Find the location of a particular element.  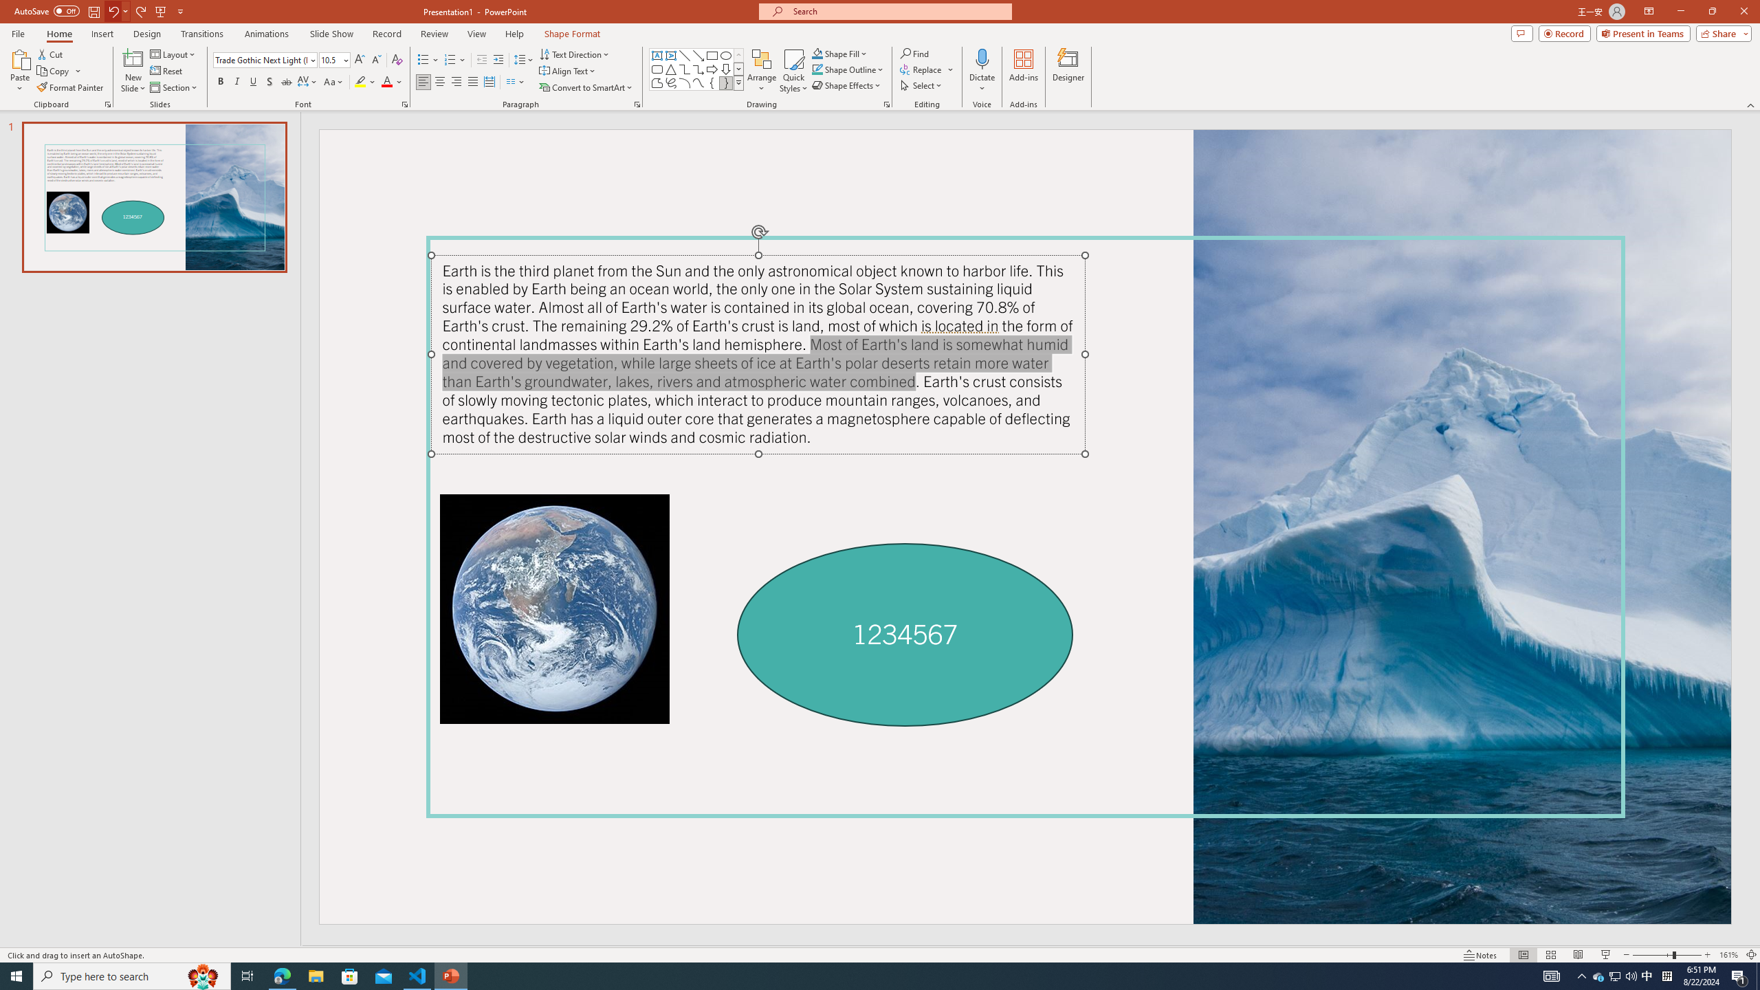

'Text Highlight Color' is located at coordinates (364, 81).